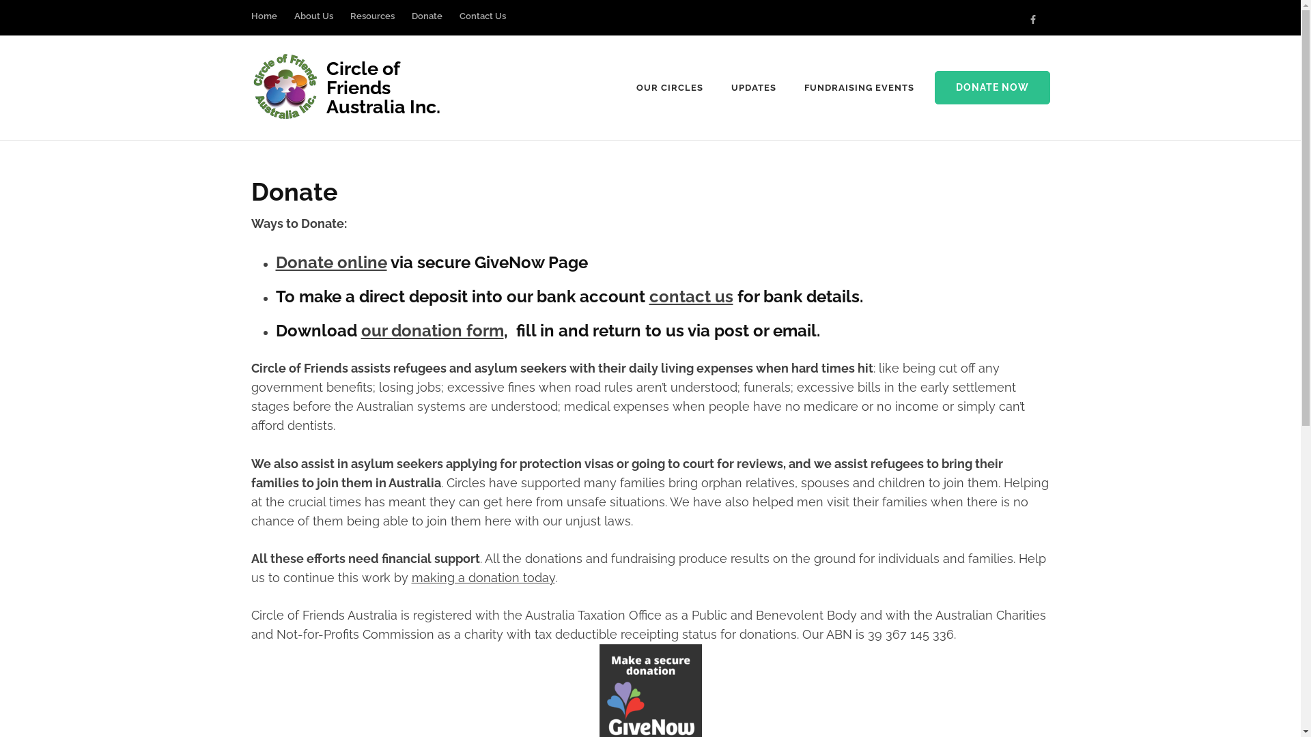 The width and height of the screenshot is (1311, 737). Describe the element at coordinates (312, 23) in the screenshot. I see `'About Us'` at that location.